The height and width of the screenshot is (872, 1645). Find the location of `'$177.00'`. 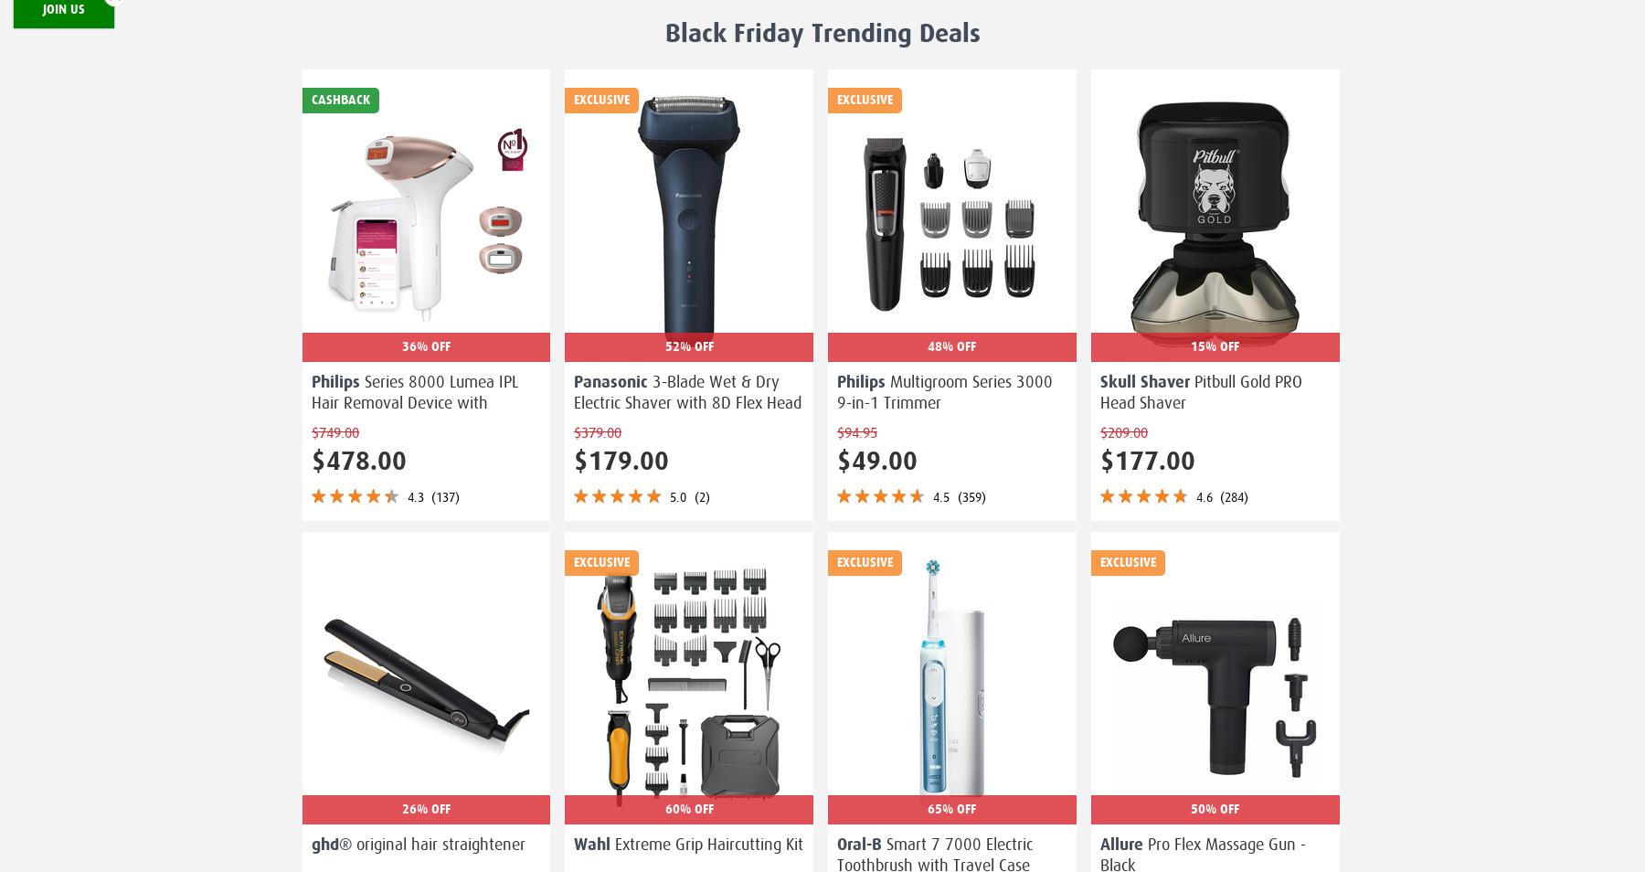

'$177.00' is located at coordinates (1146, 461).